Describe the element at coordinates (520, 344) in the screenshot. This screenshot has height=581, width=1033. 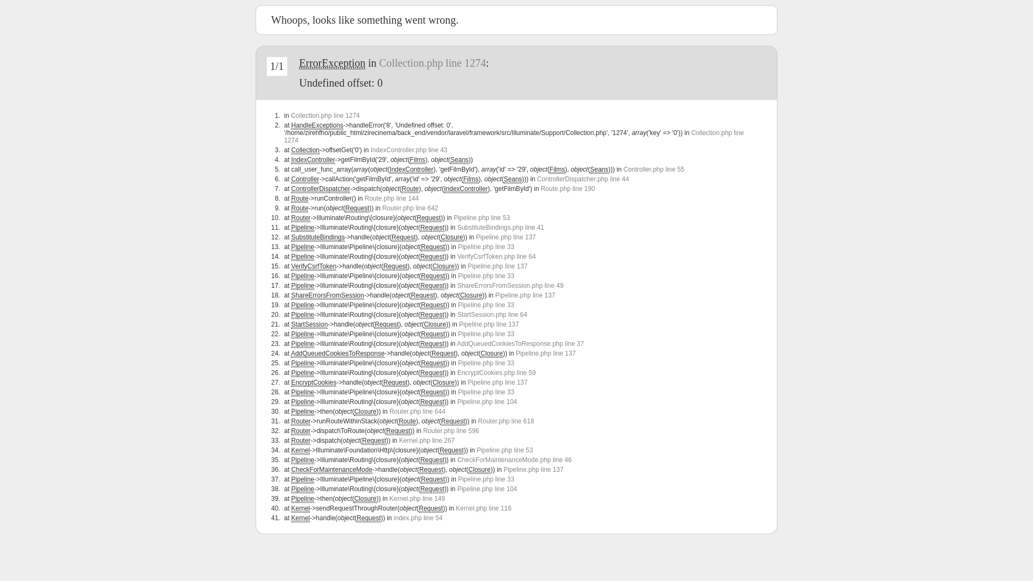
I see `'AddQueuedCookiesToResponse.php line 37'` at that location.